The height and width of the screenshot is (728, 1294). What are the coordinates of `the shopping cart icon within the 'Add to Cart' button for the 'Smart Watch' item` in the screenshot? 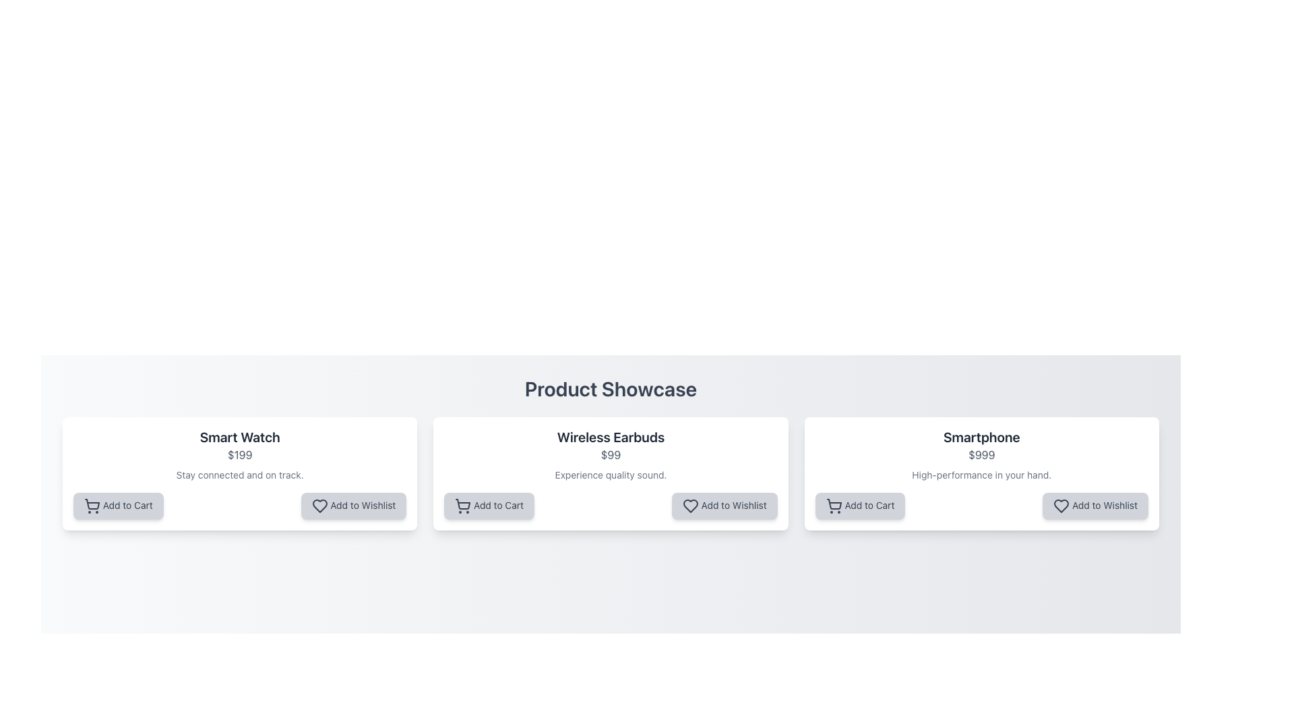 It's located at (92, 506).